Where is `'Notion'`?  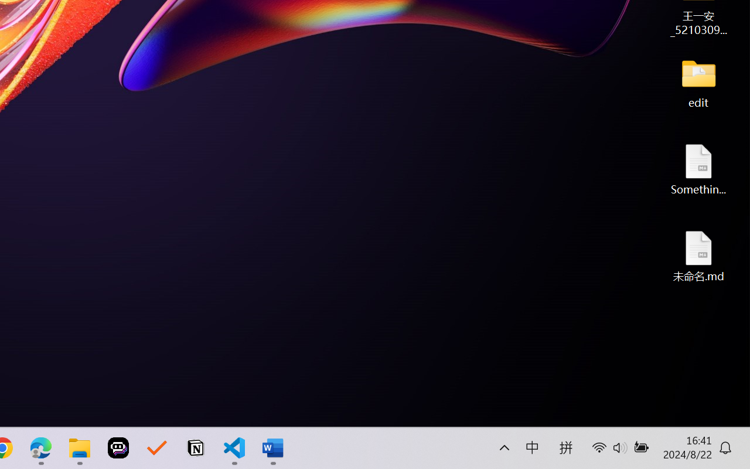 'Notion' is located at coordinates (196, 448).